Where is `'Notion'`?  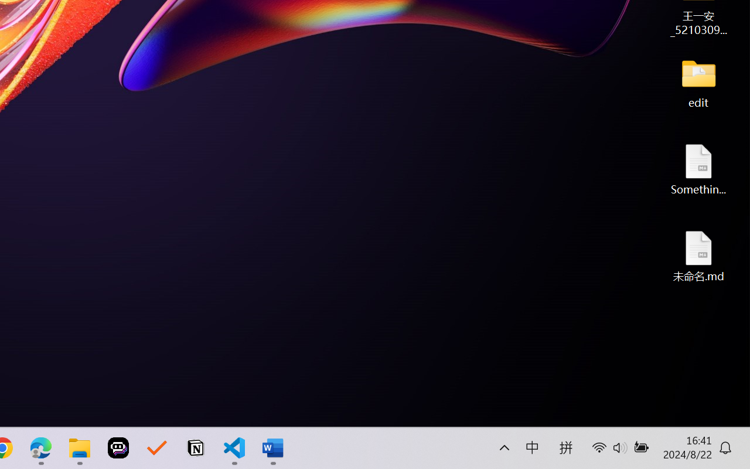 'Notion' is located at coordinates (196, 448).